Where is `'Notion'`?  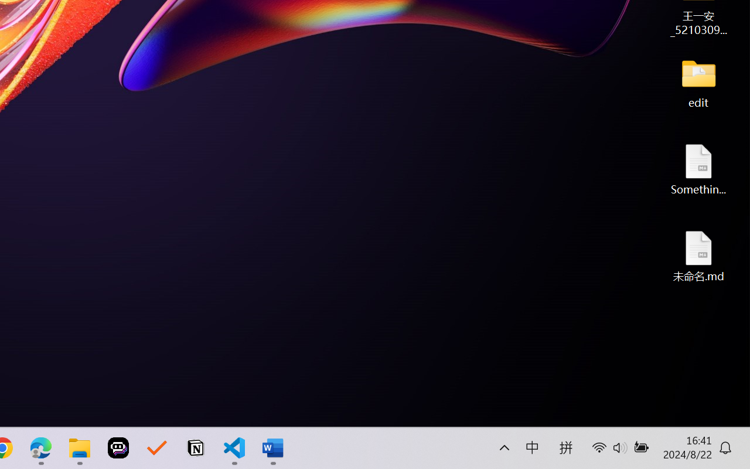 'Notion' is located at coordinates (196, 448).